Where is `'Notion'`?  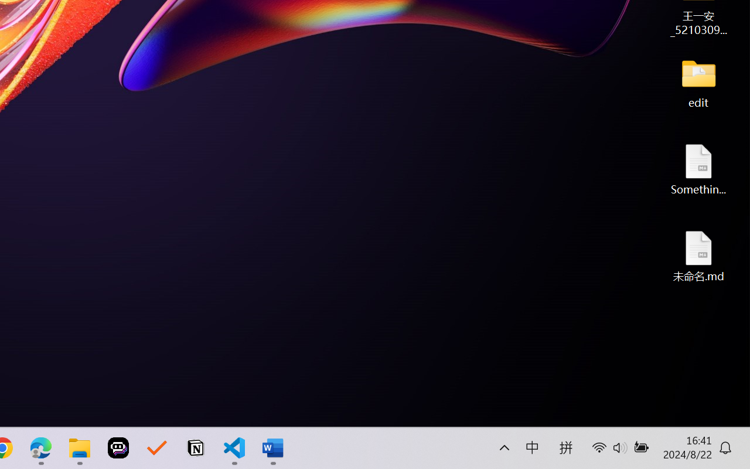 'Notion' is located at coordinates (196, 448).